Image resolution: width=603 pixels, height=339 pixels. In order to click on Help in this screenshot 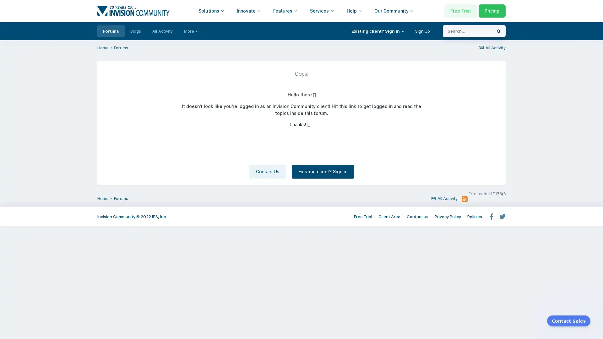, I will do `click(354, 11)`.